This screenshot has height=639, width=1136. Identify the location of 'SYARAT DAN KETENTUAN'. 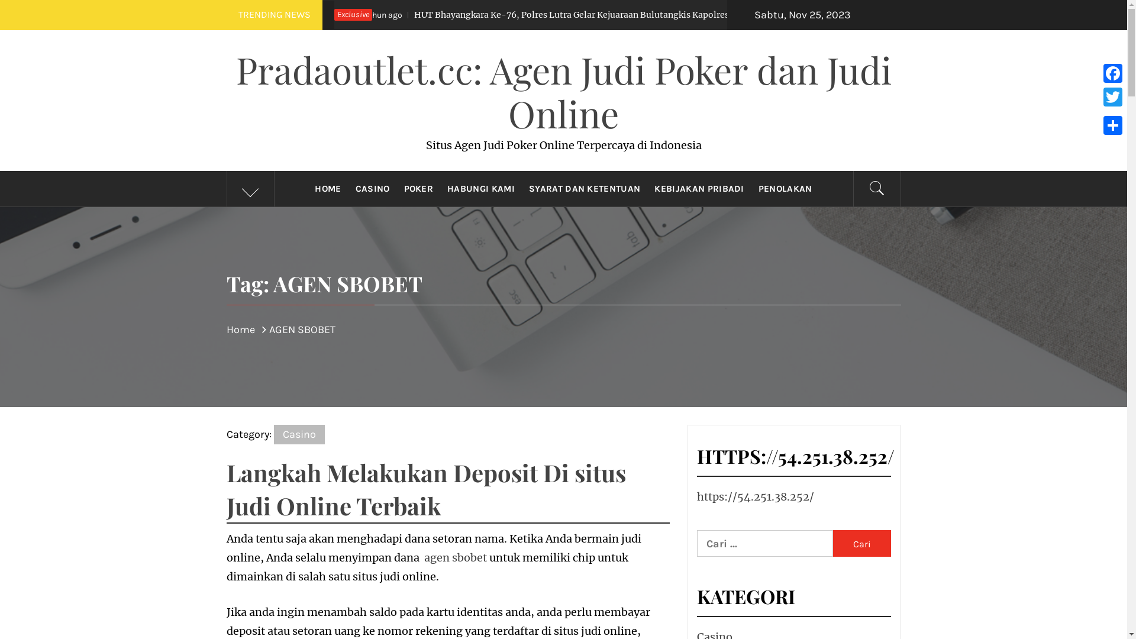
(585, 188).